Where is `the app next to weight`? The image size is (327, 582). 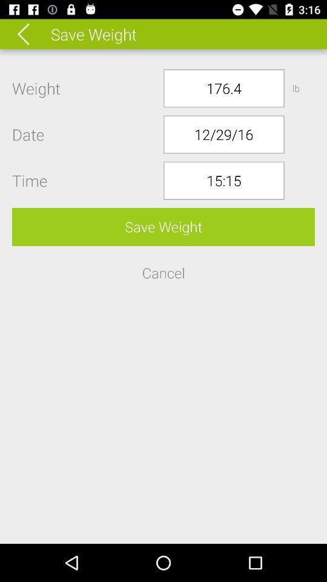
the app next to weight is located at coordinates (223, 87).